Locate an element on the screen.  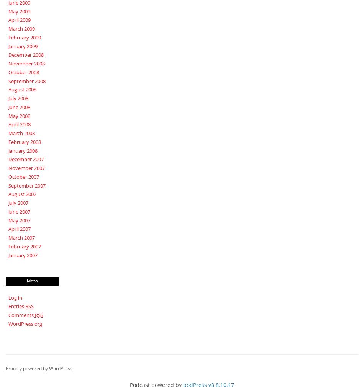
'October 2007' is located at coordinates (23, 176).